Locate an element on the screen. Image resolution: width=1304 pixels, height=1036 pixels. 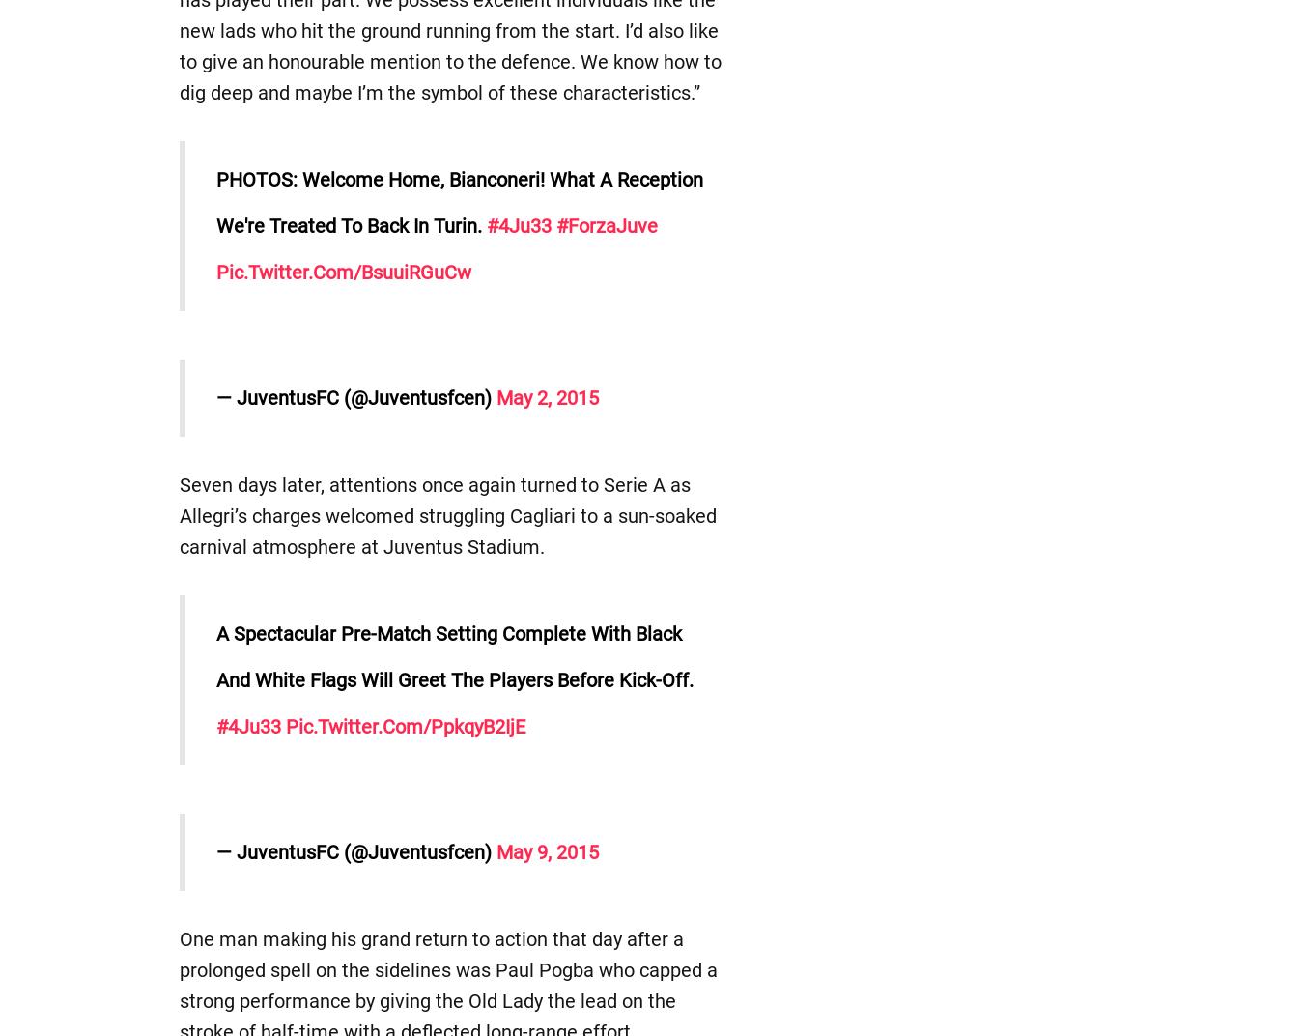
'pic.twitter.com/PpkqyB2IjE' is located at coordinates (405, 727).